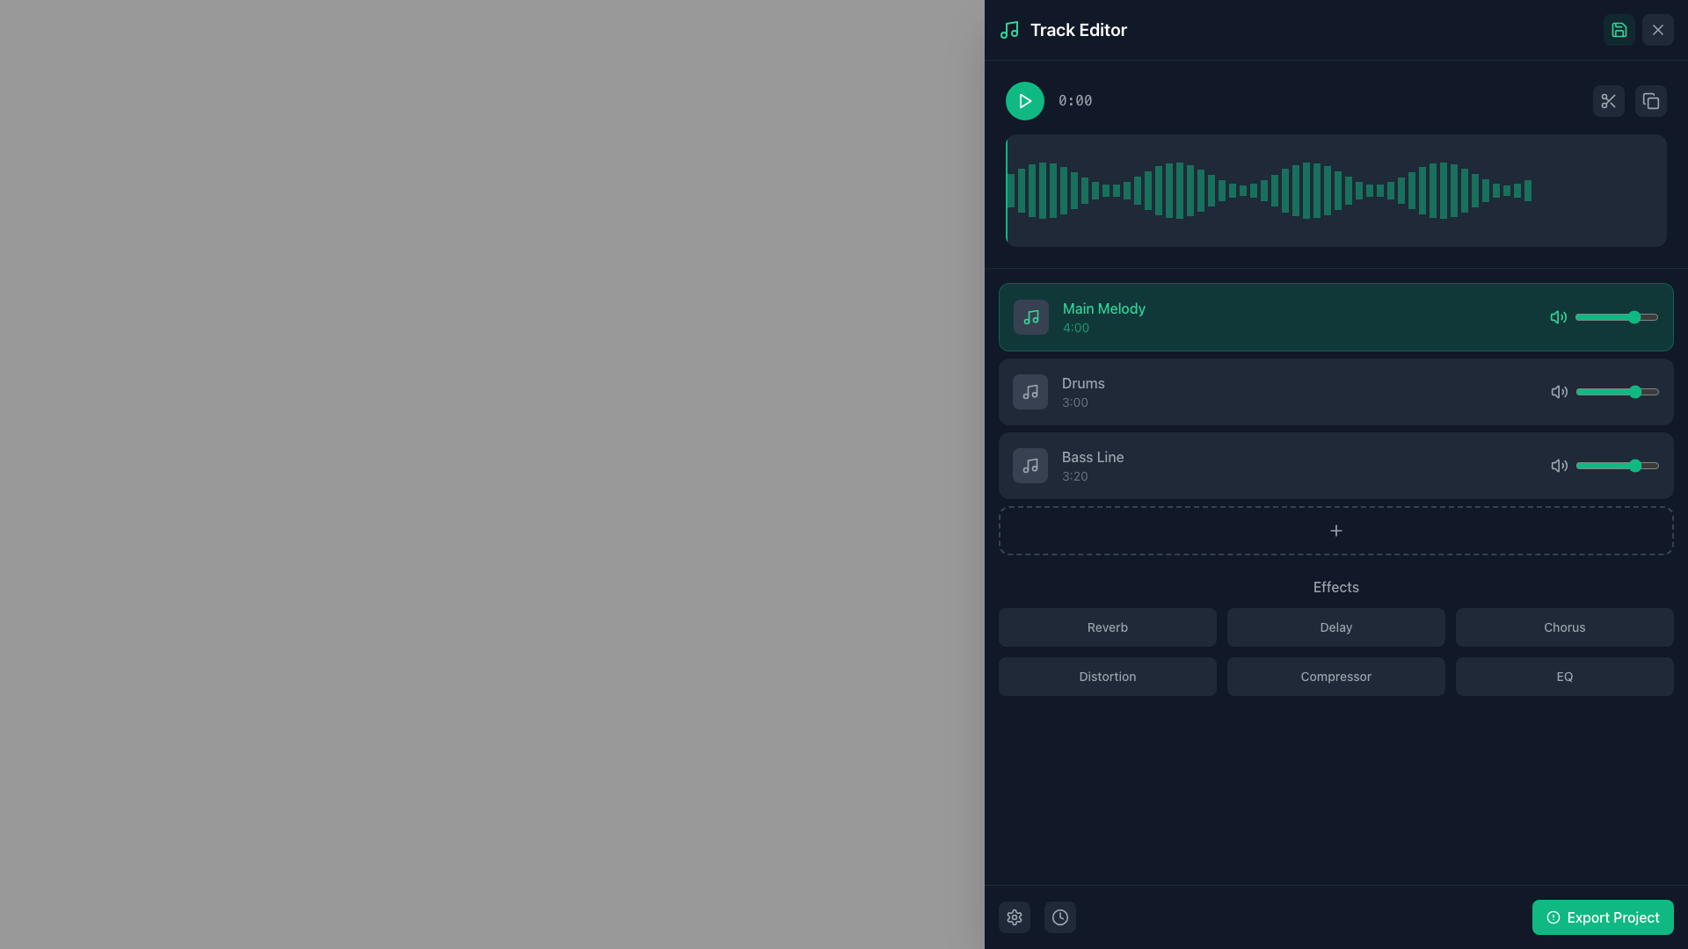  I want to click on the slider value, so click(1622, 464).